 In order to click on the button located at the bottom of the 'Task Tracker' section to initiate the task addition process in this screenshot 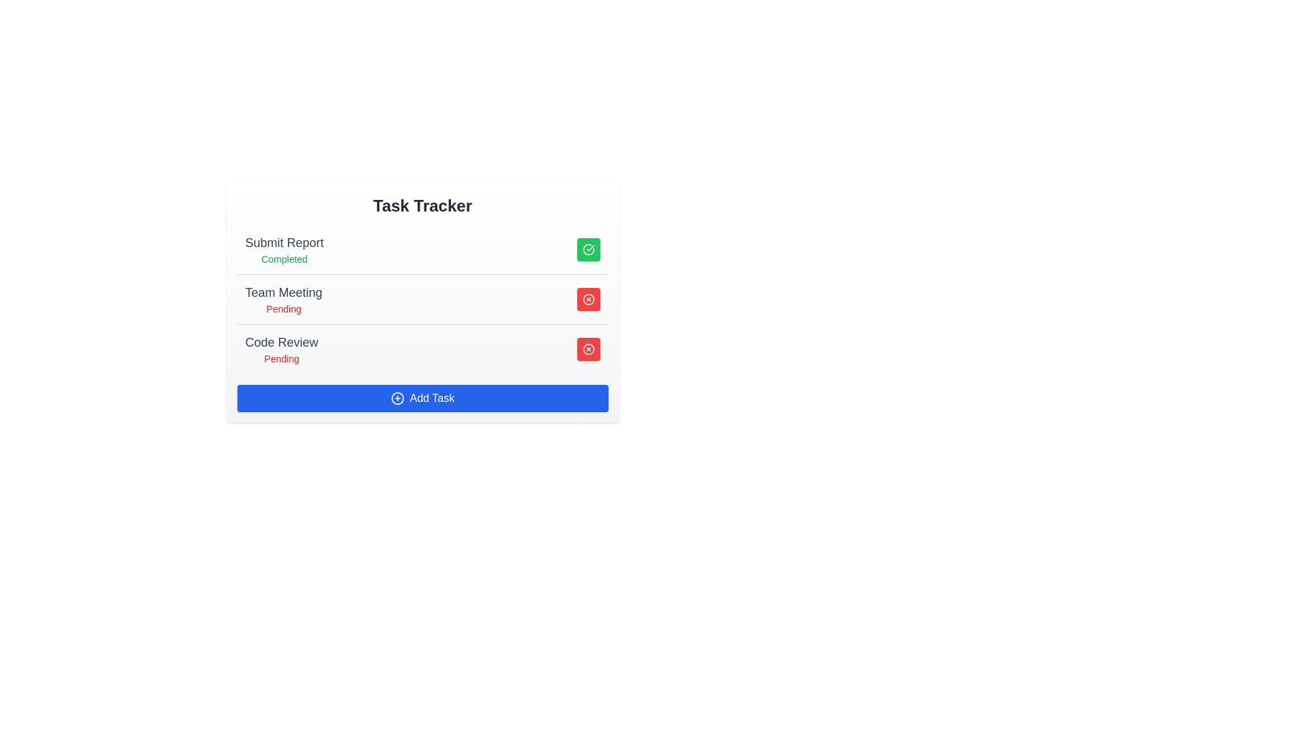, I will do `click(422, 398)`.